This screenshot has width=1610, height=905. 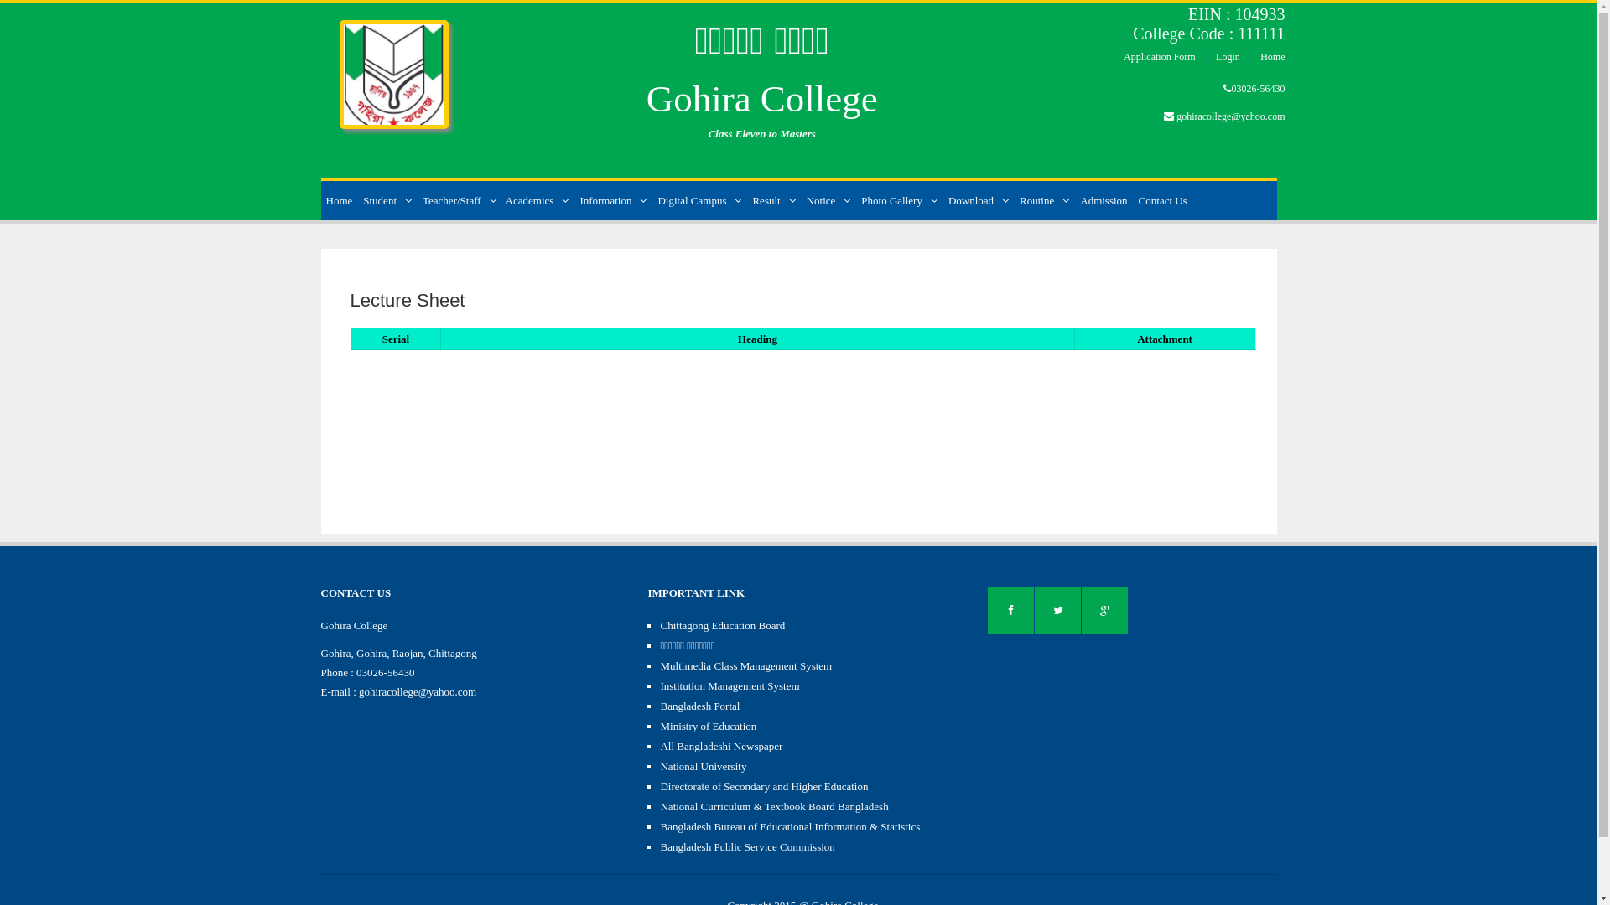 I want to click on 'Chittagong Education Board', so click(x=722, y=625).